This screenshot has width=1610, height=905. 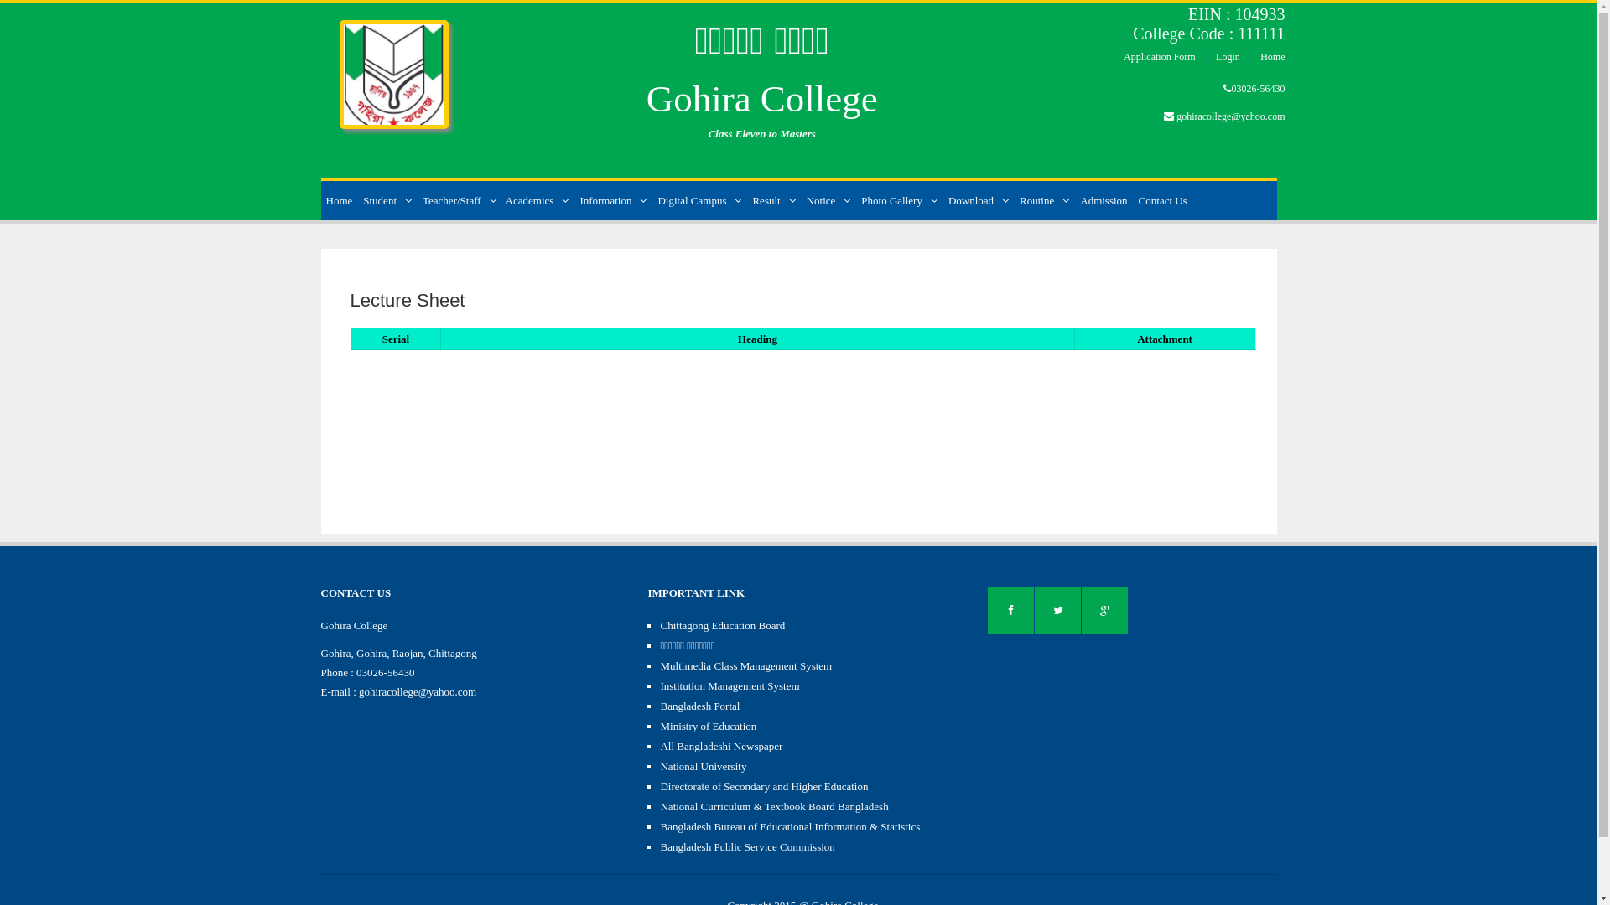 I want to click on 'Chittagong Education Board', so click(x=722, y=625).